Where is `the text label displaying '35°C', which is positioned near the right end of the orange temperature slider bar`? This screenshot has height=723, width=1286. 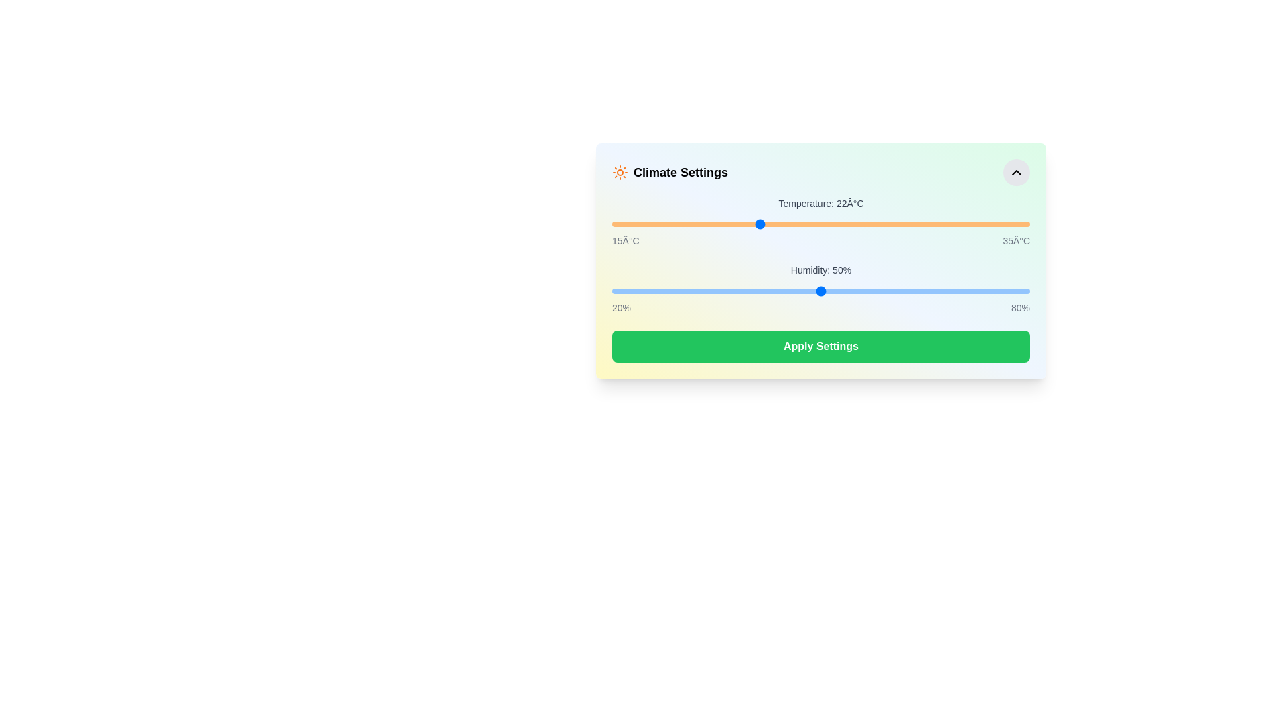
the text label displaying '35°C', which is positioned near the right end of the orange temperature slider bar is located at coordinates (1016, 240).